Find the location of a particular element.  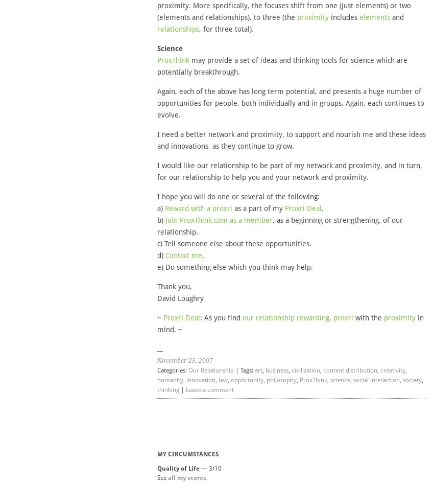

'content distribution' is located at coordinates (322, 370).